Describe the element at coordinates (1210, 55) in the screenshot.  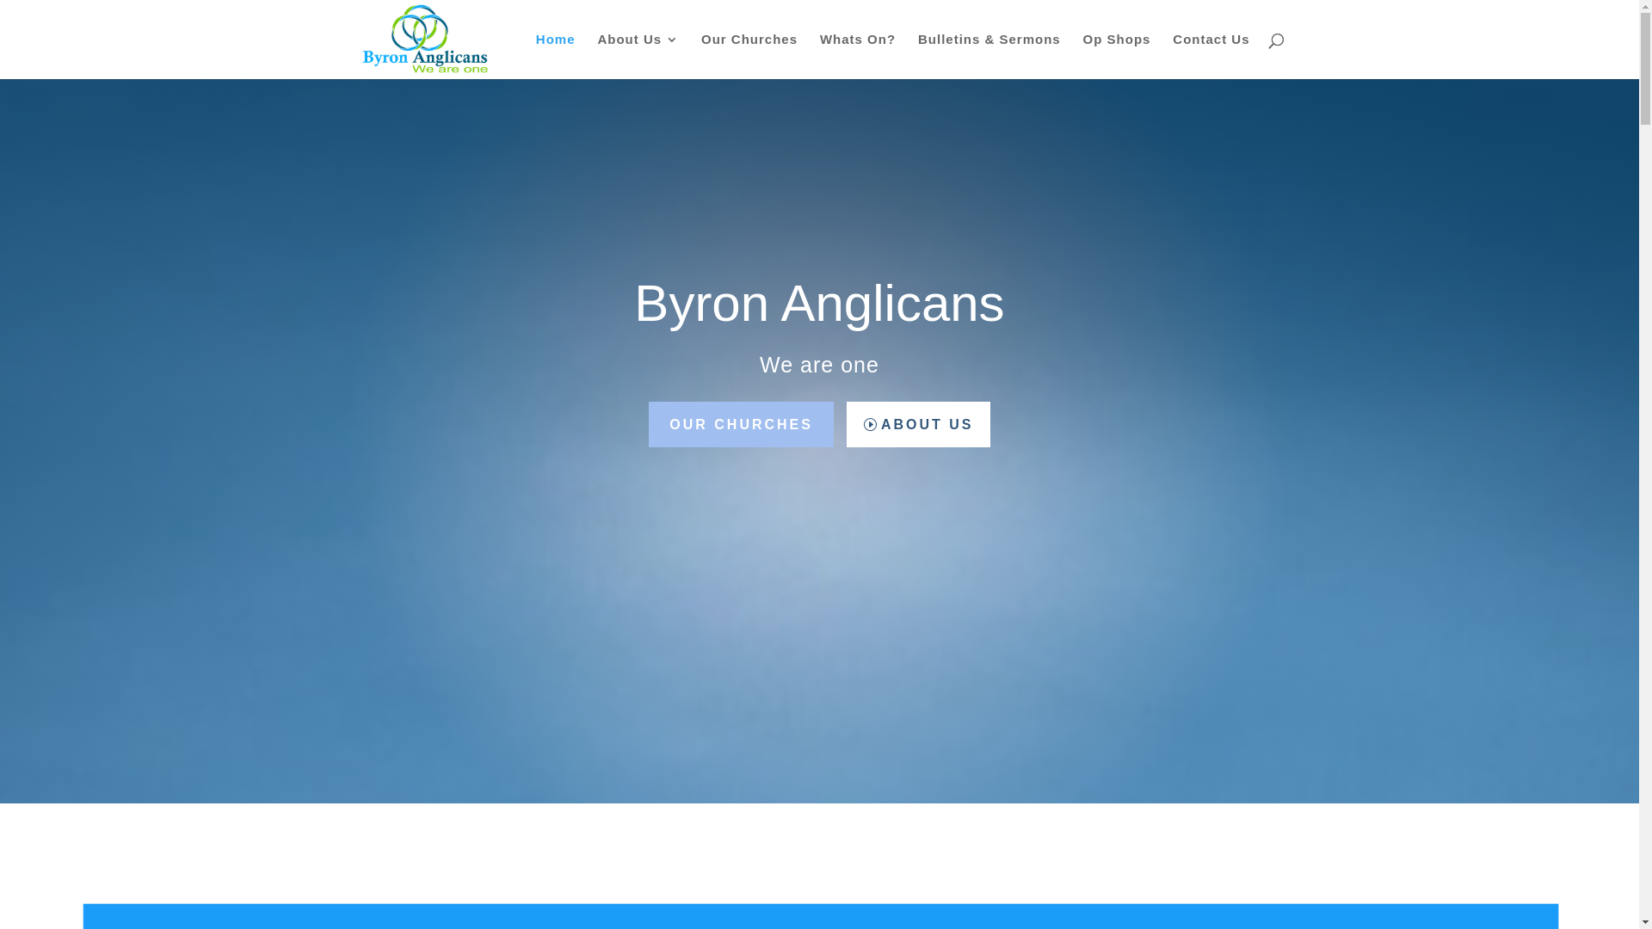
I see `'Contact Us'` at that location.